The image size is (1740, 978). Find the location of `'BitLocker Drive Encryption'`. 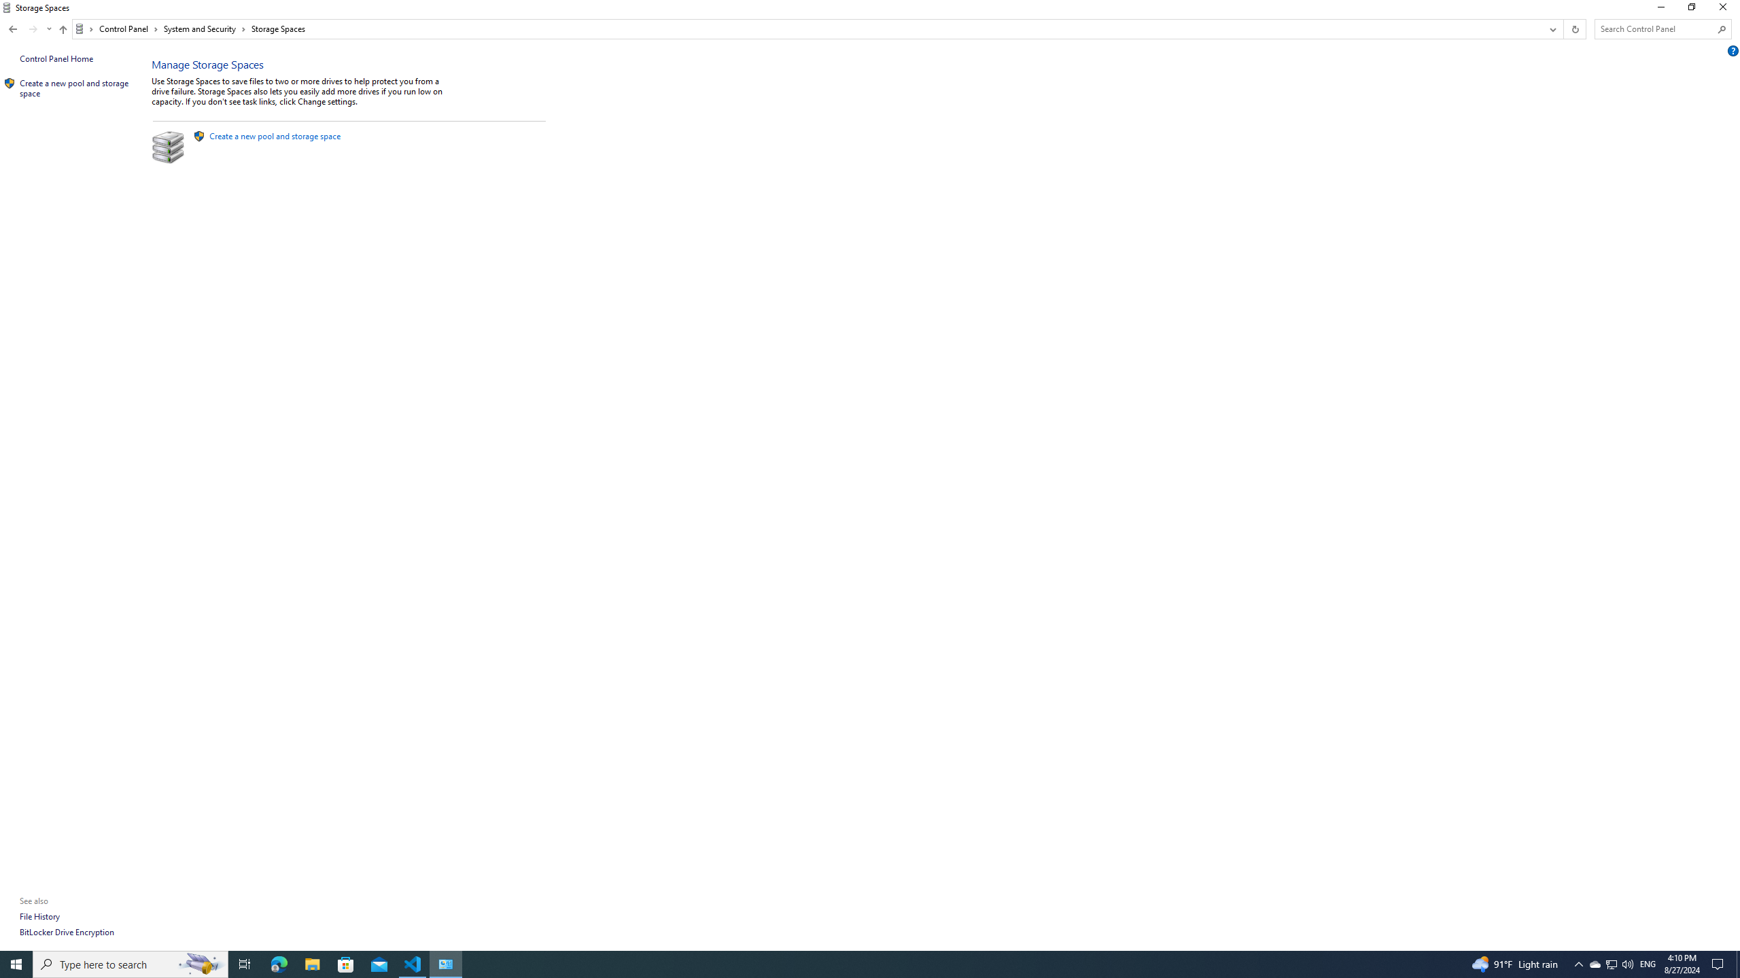

'BitLocker Drive Encryption' is located at coordinates (66, 931).